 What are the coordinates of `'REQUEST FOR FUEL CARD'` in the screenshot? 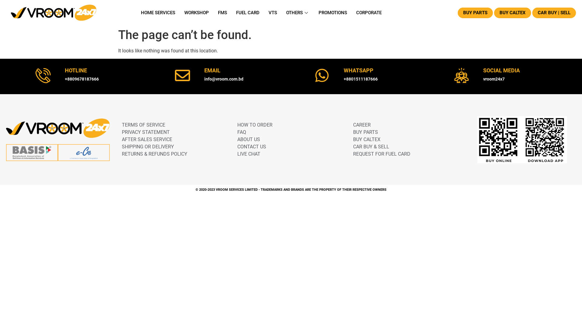 It's located at (353, 154).